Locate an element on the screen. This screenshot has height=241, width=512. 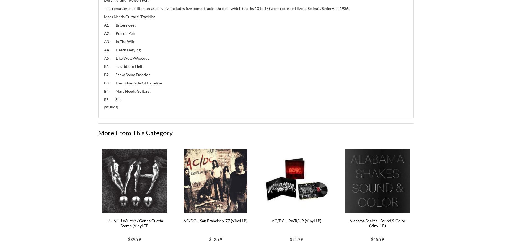
'This remastered edition on green vinyl includes five bonus tracks: three of which (tracks 13 to 15) were recorded live at Selina's, Sydney, in 1986.' is located at coordinates (226, 8).